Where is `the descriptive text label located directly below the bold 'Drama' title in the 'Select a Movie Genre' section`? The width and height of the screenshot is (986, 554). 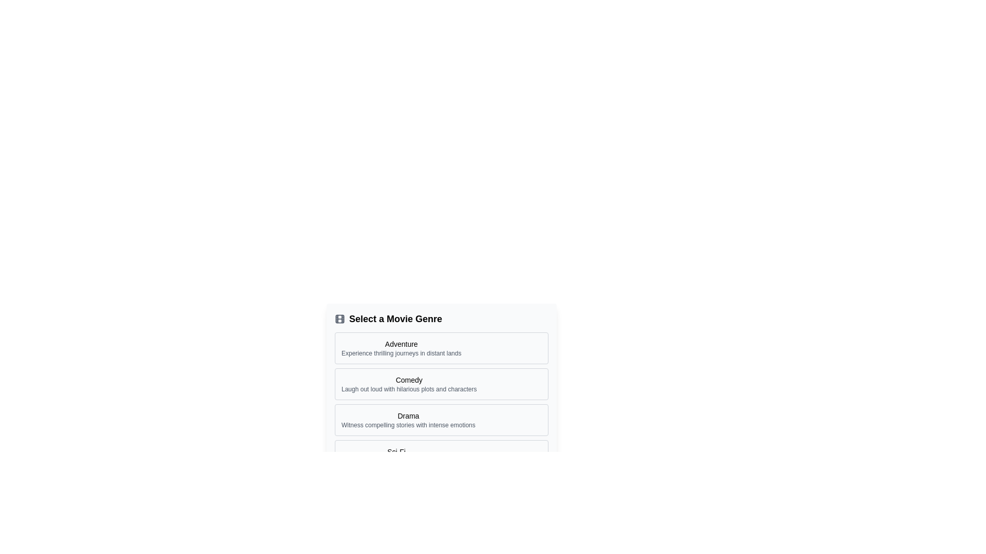
the descriptive text label located directly below the bold 'Drama' title in the 'Select a Movie Genre' section is located at coordinates (408, 425).